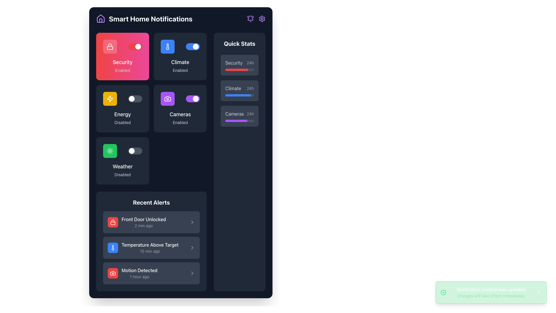 The height and width of the screenshot is (313, 556). I want to click on the 'Climate' icon indicator located within the rounded rectangular blue card in the Smart Home Notifications interface by moving the cursor to its center point, so click(167, 46).